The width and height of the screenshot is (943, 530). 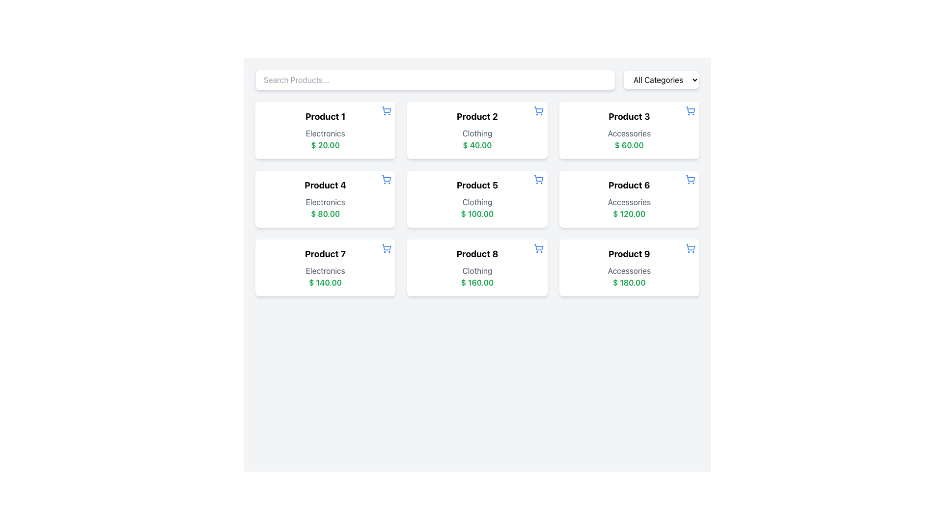 What do you see at coordinates (477, 185) in the screenshot?
I see `the product title text label in the second row and second column of the grid layout, which identifies the item being displayed` at bounding box center [477, 185].